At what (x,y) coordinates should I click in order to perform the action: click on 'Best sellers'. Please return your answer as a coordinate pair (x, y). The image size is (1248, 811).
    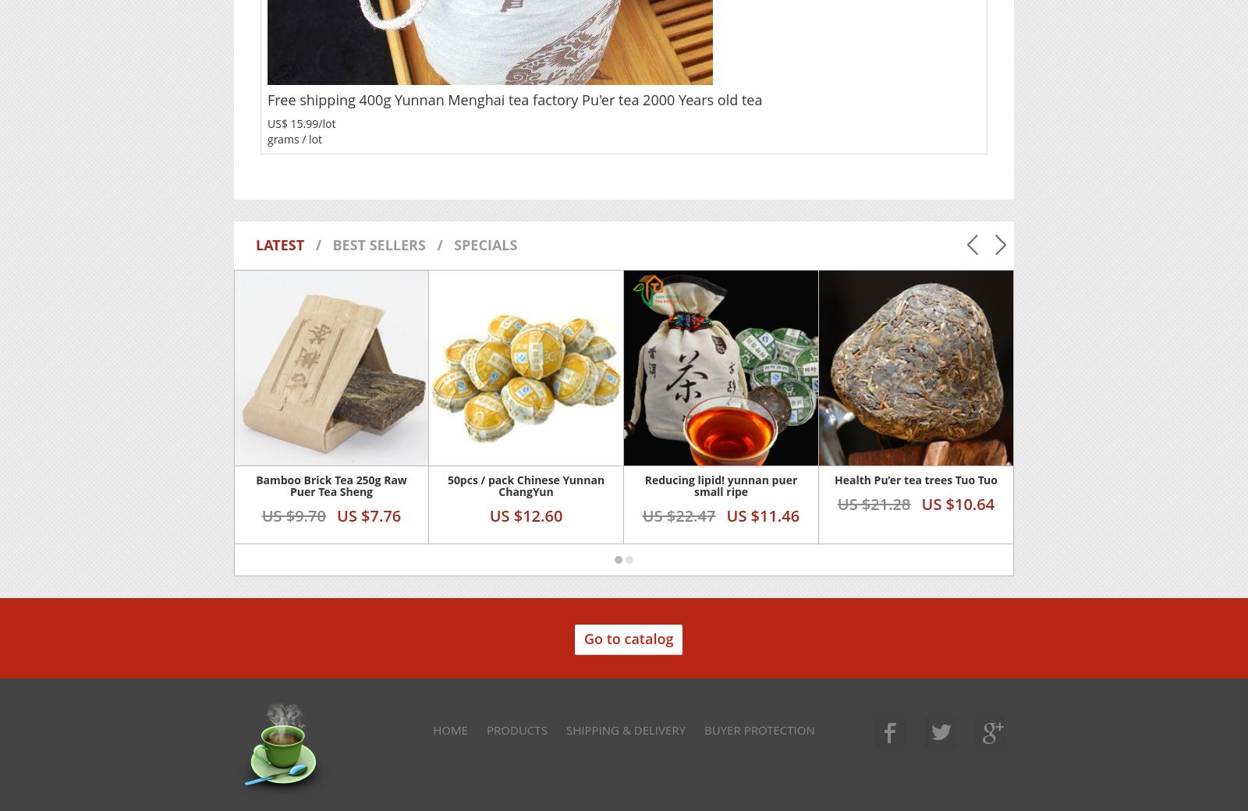
    Looking at the image, I should click on (331, 243).